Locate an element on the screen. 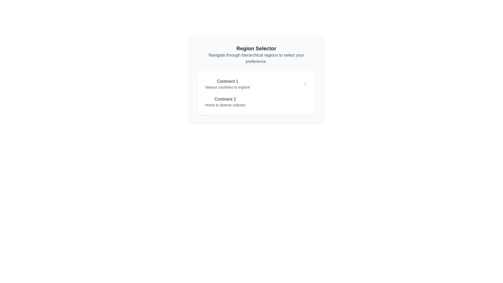  the informational text label providing context about 'Continent 1', which is positioned underneath the main text in the Region Selector section is located at coordinates (227, 87).